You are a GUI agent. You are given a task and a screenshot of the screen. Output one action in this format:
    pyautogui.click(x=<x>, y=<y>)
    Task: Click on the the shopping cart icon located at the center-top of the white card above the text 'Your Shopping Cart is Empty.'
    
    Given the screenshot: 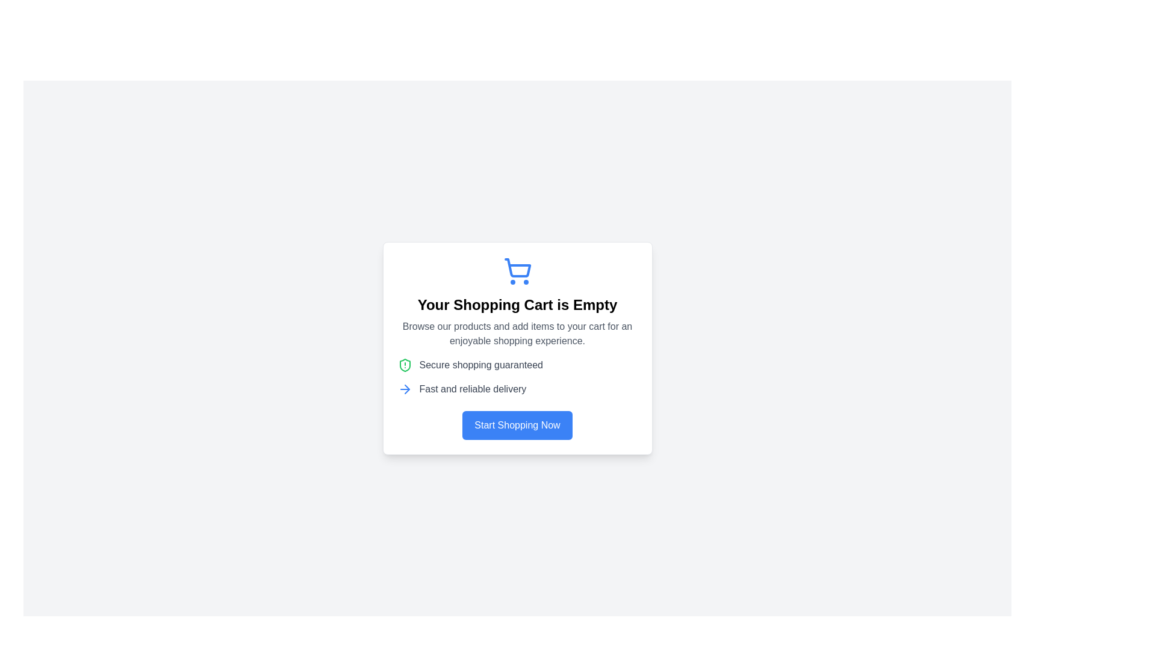 What is the action you would take?
    pyautogui.click(x=517, y=271)
    